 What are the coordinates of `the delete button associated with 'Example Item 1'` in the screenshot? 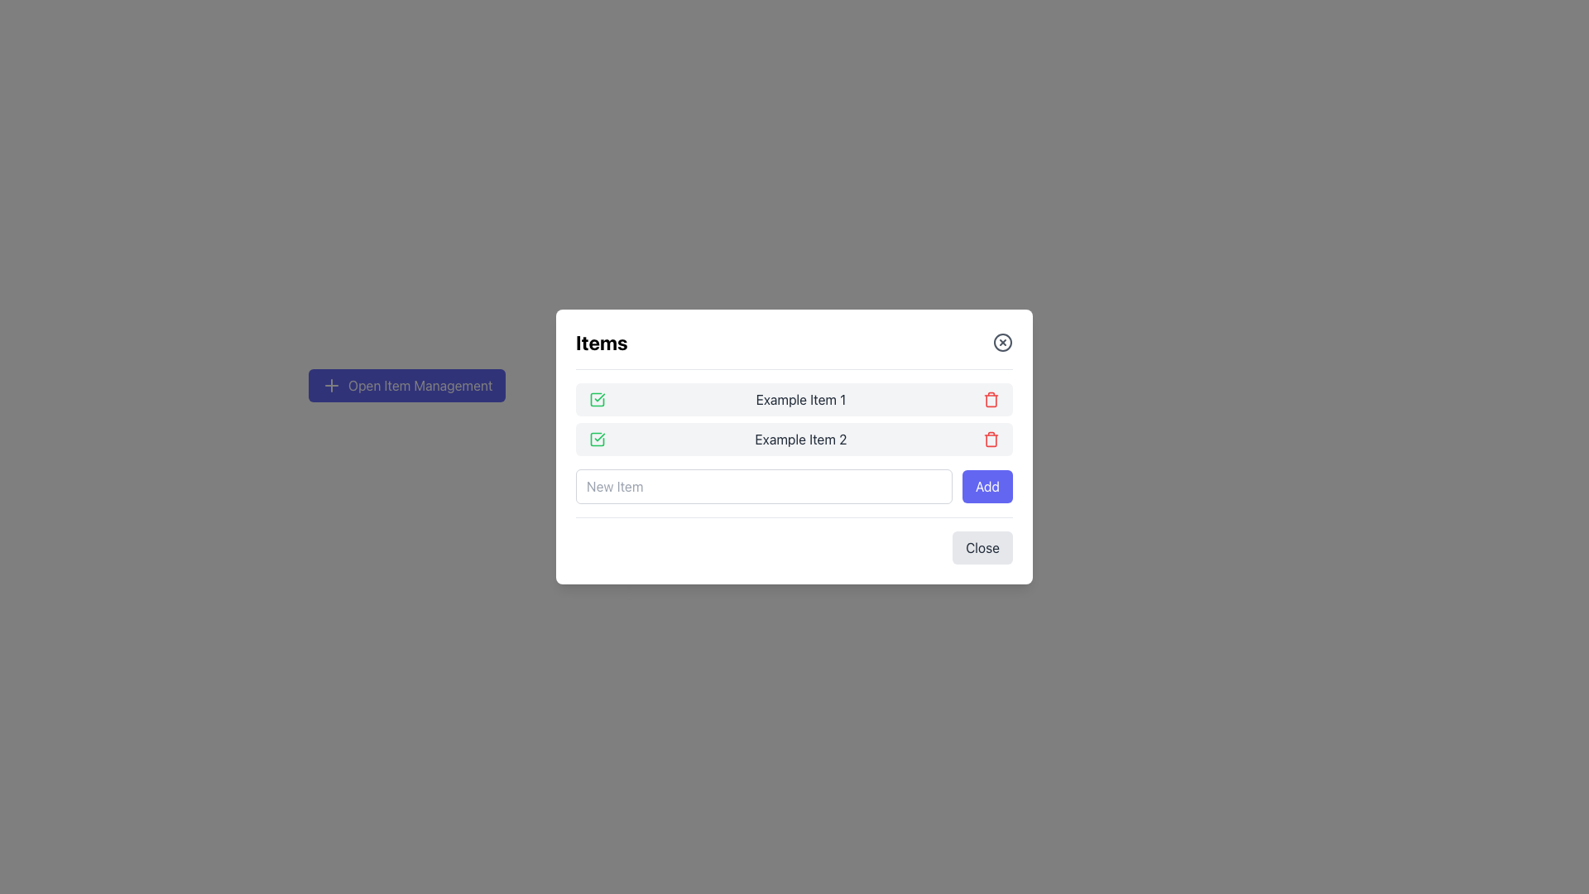 It's located at (991, 399).